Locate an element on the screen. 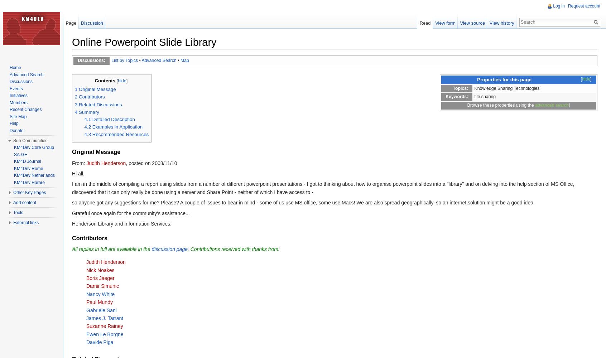 Image resolution: width=606 pixels, height=358 pixels. 'Advanced Search' is located at coordinates (158, 60).